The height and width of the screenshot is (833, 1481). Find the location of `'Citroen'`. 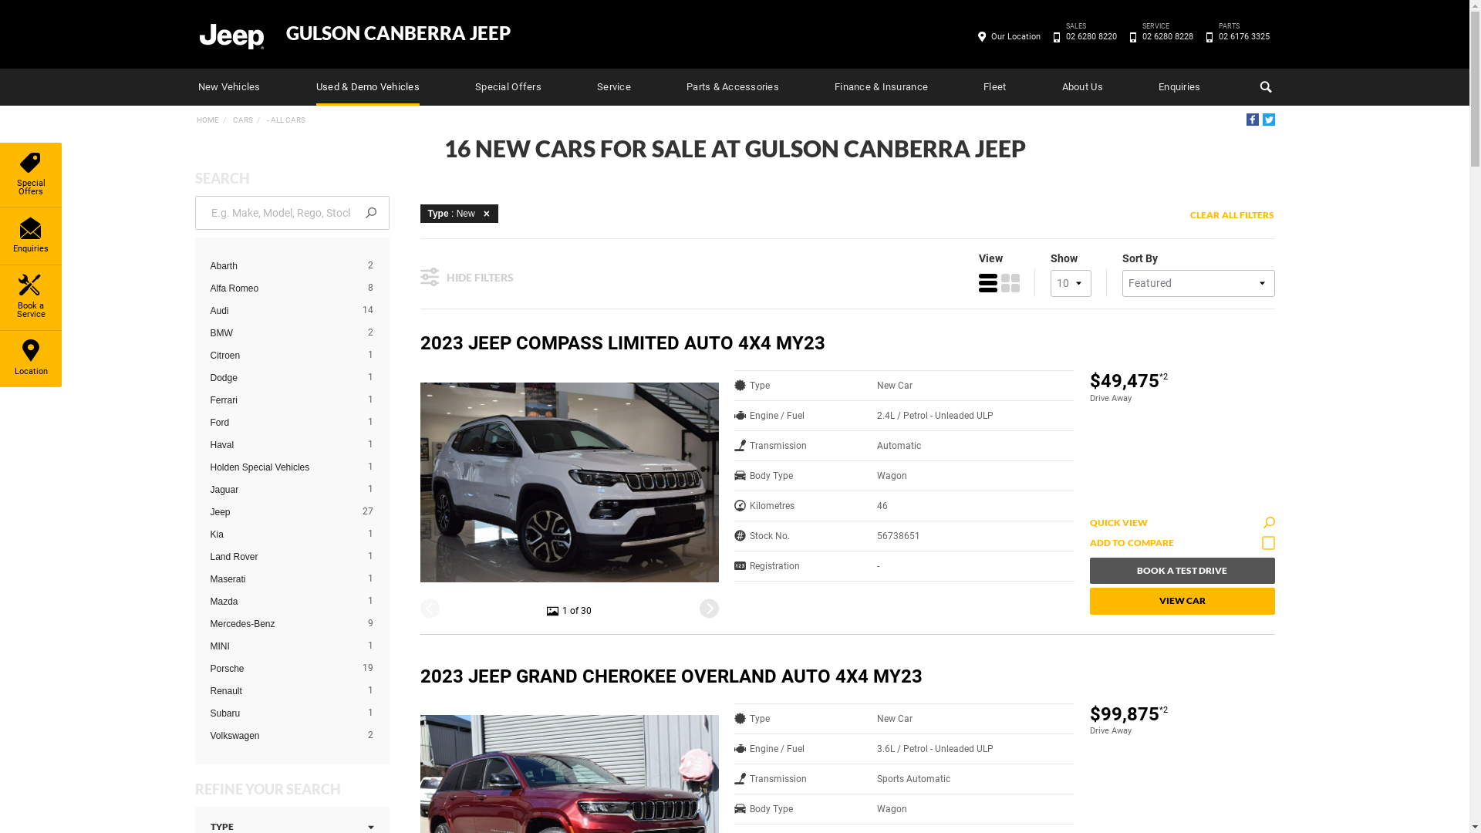

'Citroen' is located at coordinates (280, 356).